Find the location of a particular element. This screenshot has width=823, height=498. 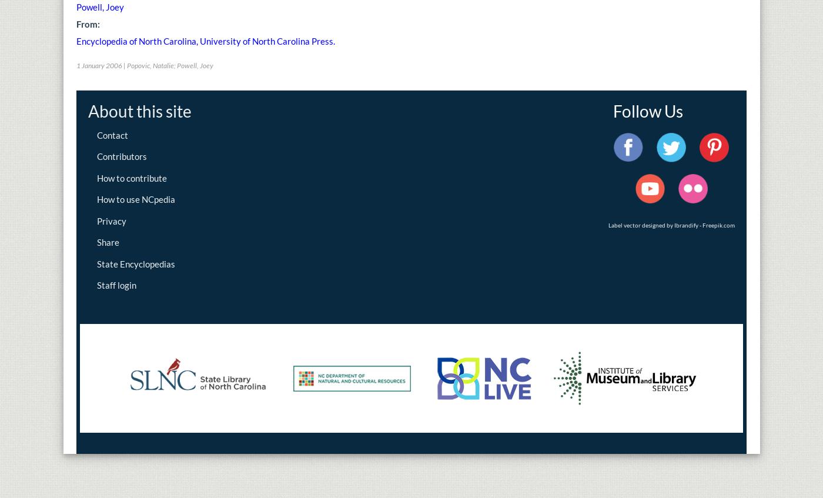

'About this site' is located at coordinates (140, 111).